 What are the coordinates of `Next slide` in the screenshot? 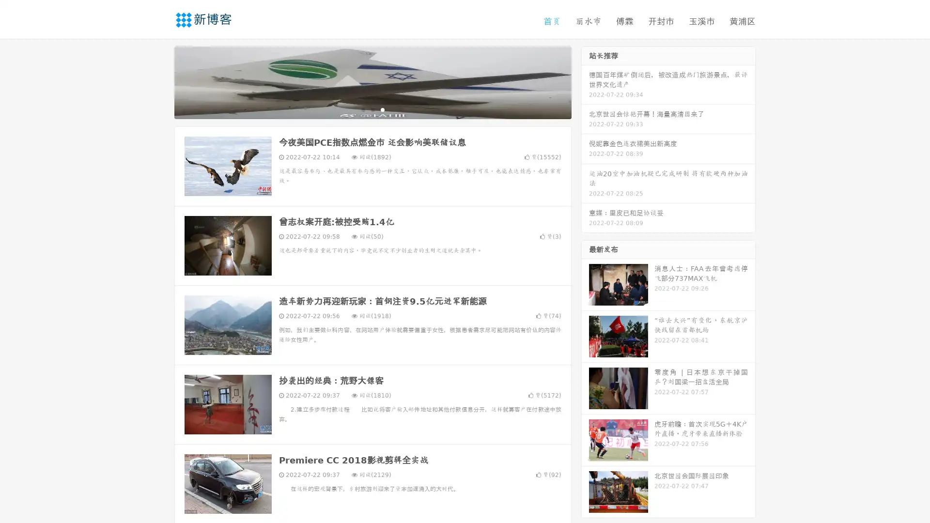 It's located at (585, 81).